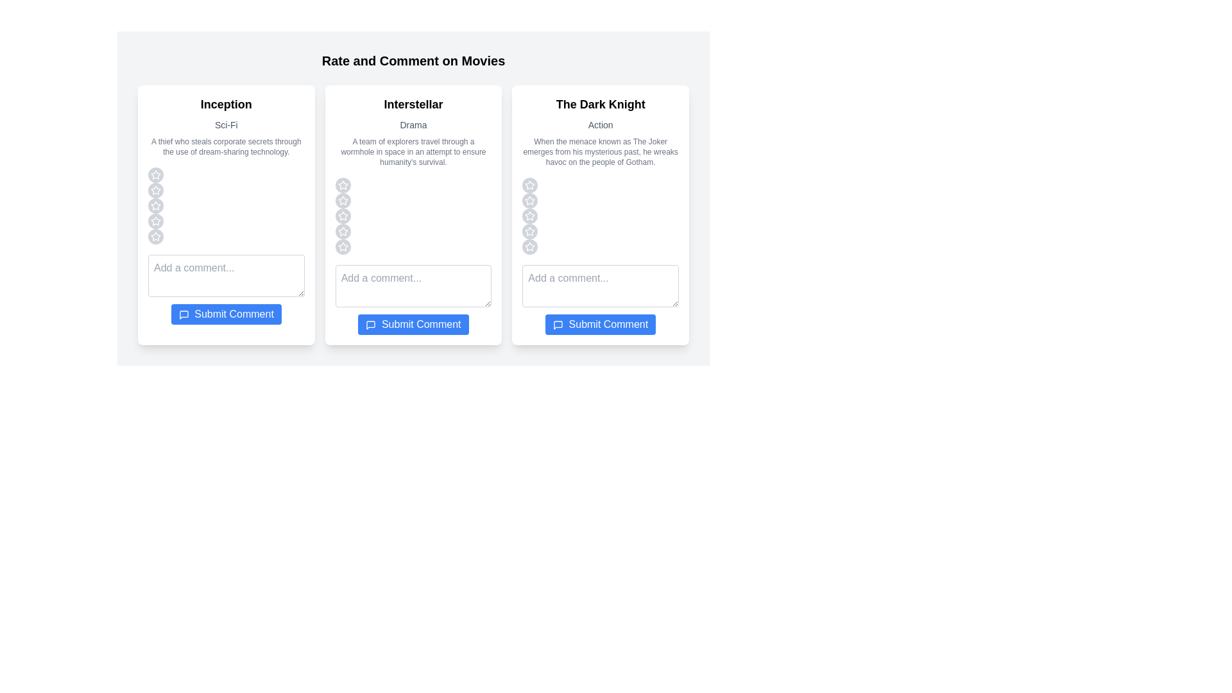 The image size is (1232, 693). What do you see at coordinates (529, 215) in the screenshot?
I see `the star corresponding to the rating 3 for the movie The Dark Knight` at bounding box center [529, 215].